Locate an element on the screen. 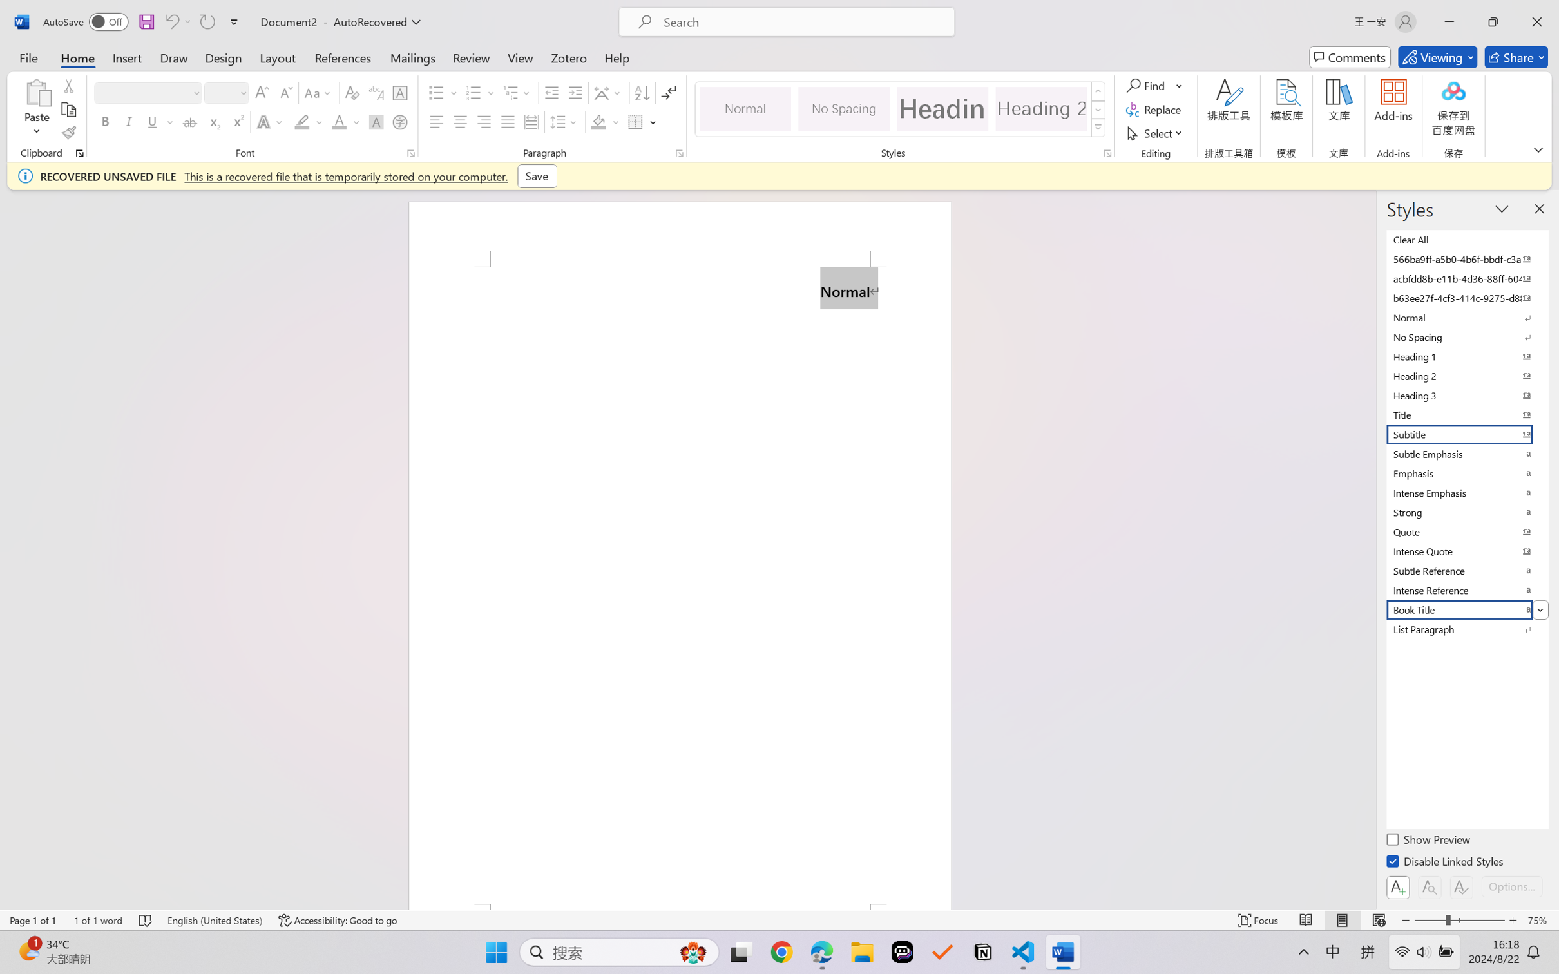 The width and height of the screenshot is (1559, 974). 'Multilevel List' is located at coordinates (518, 93).